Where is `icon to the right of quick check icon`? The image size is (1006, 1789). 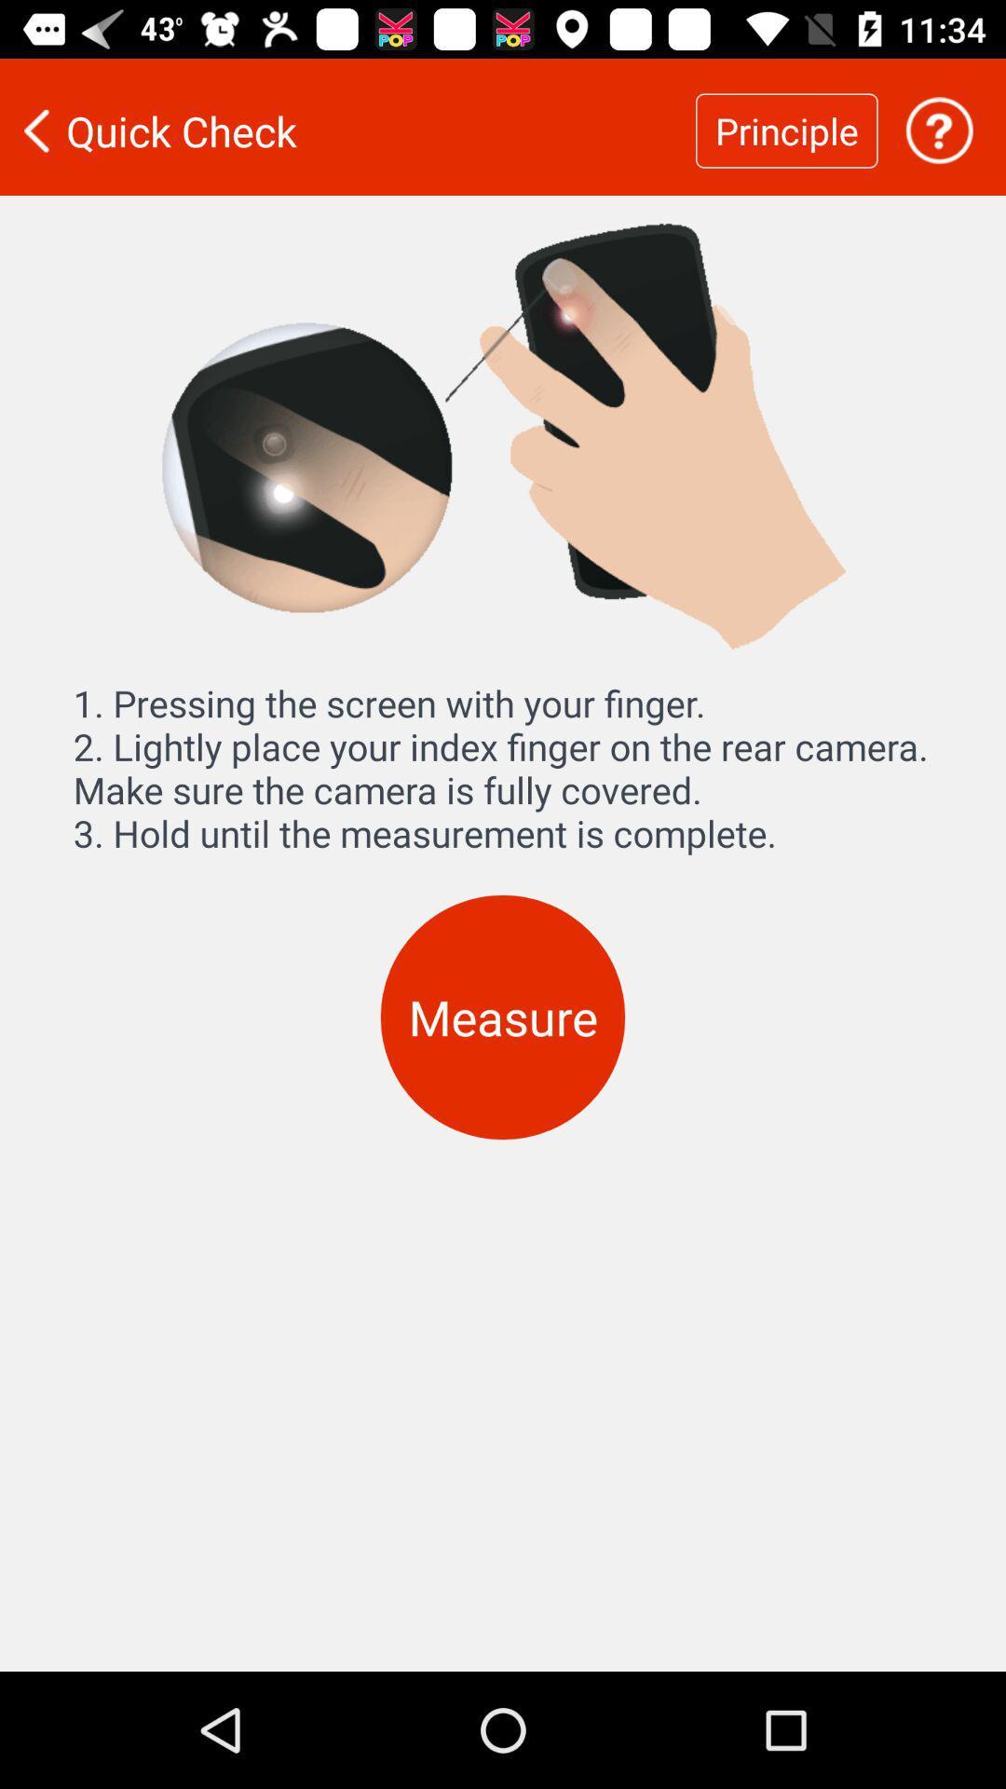 icon to the right of quick check icon is located at coordinates (786, 130).